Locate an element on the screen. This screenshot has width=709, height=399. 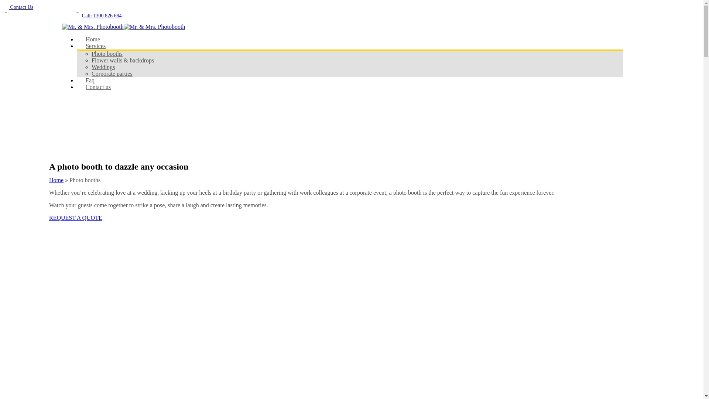
'Services' is located at coordinates (76, 46).